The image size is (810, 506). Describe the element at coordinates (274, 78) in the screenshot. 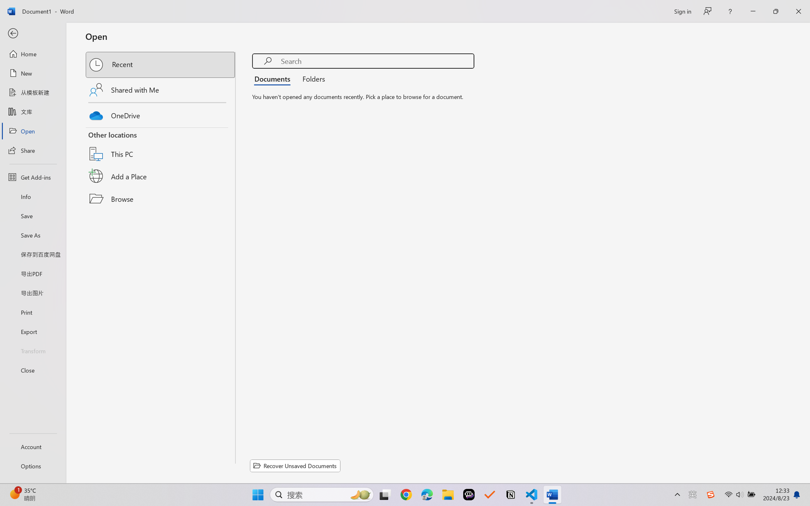

I see `'Documents'` at that location.